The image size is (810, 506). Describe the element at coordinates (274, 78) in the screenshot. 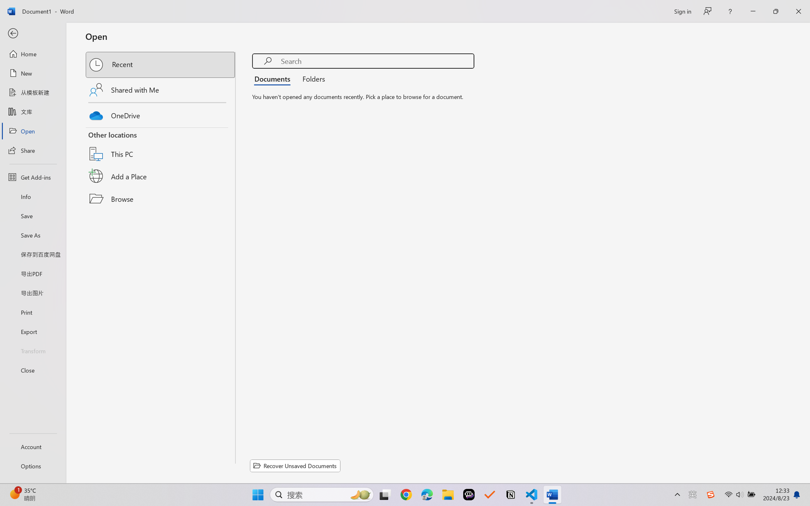

I see `'Documents'` at that location.